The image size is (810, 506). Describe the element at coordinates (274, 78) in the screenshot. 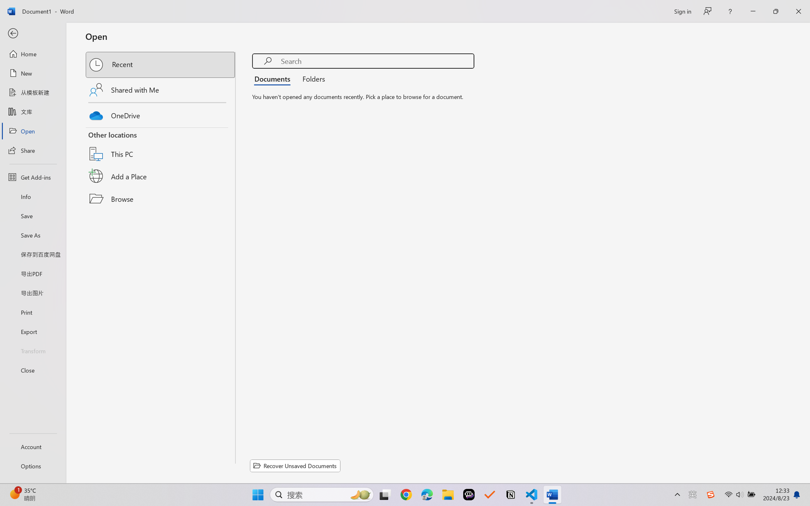

I see `'Documents'` at that location.